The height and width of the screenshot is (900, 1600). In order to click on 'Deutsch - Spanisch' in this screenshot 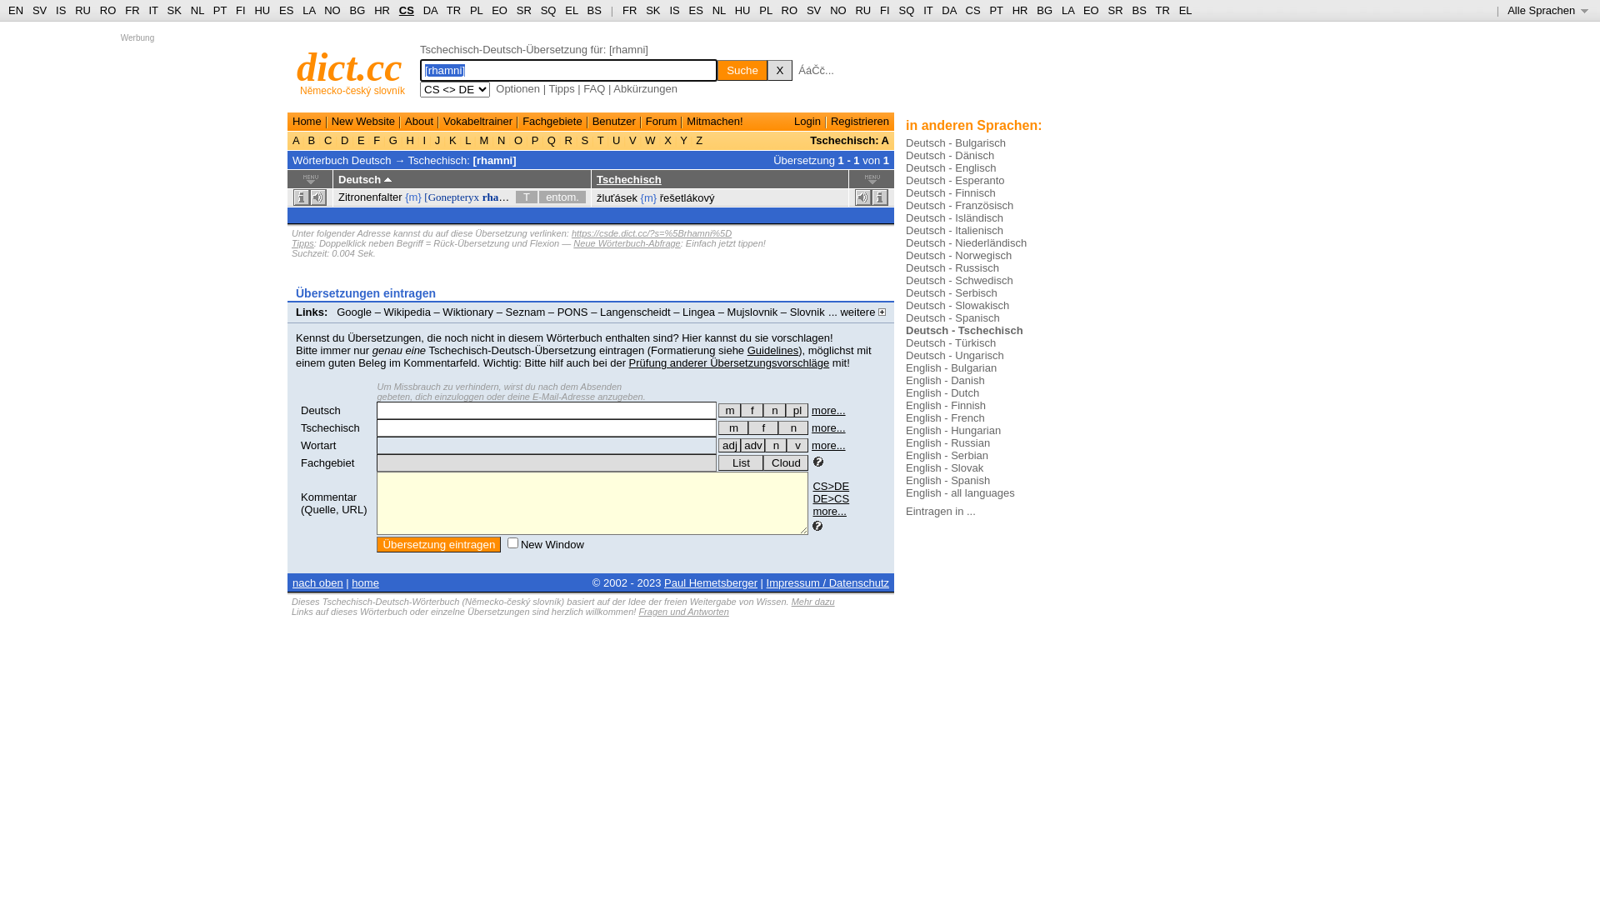, I will do `click(952, 317)`.